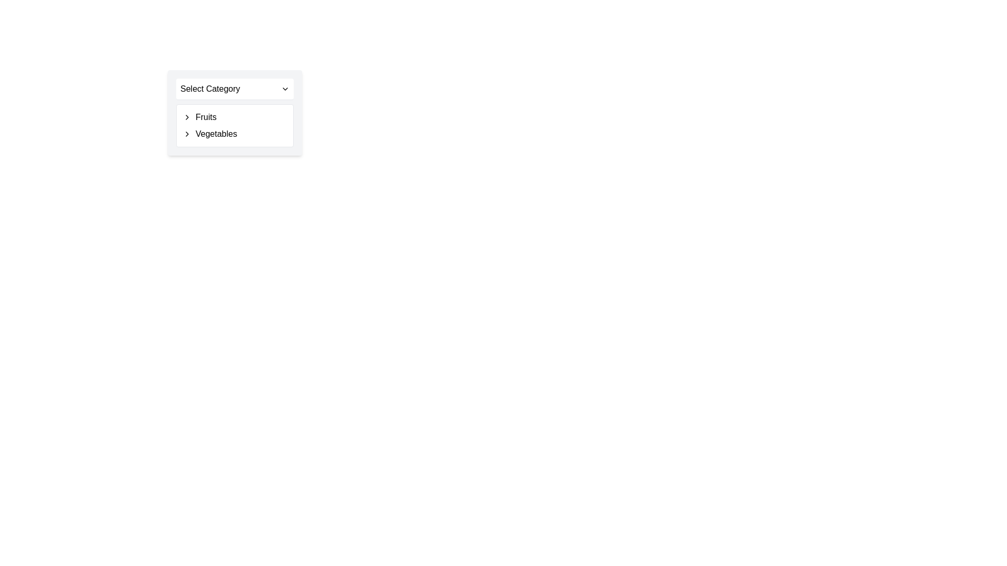  What do you see at coordinates (285, 88) in the screenshot?
I see `the downward-pointing chevron icon located to the right of the text 'Select Category'` at bounding box center [285, 88].